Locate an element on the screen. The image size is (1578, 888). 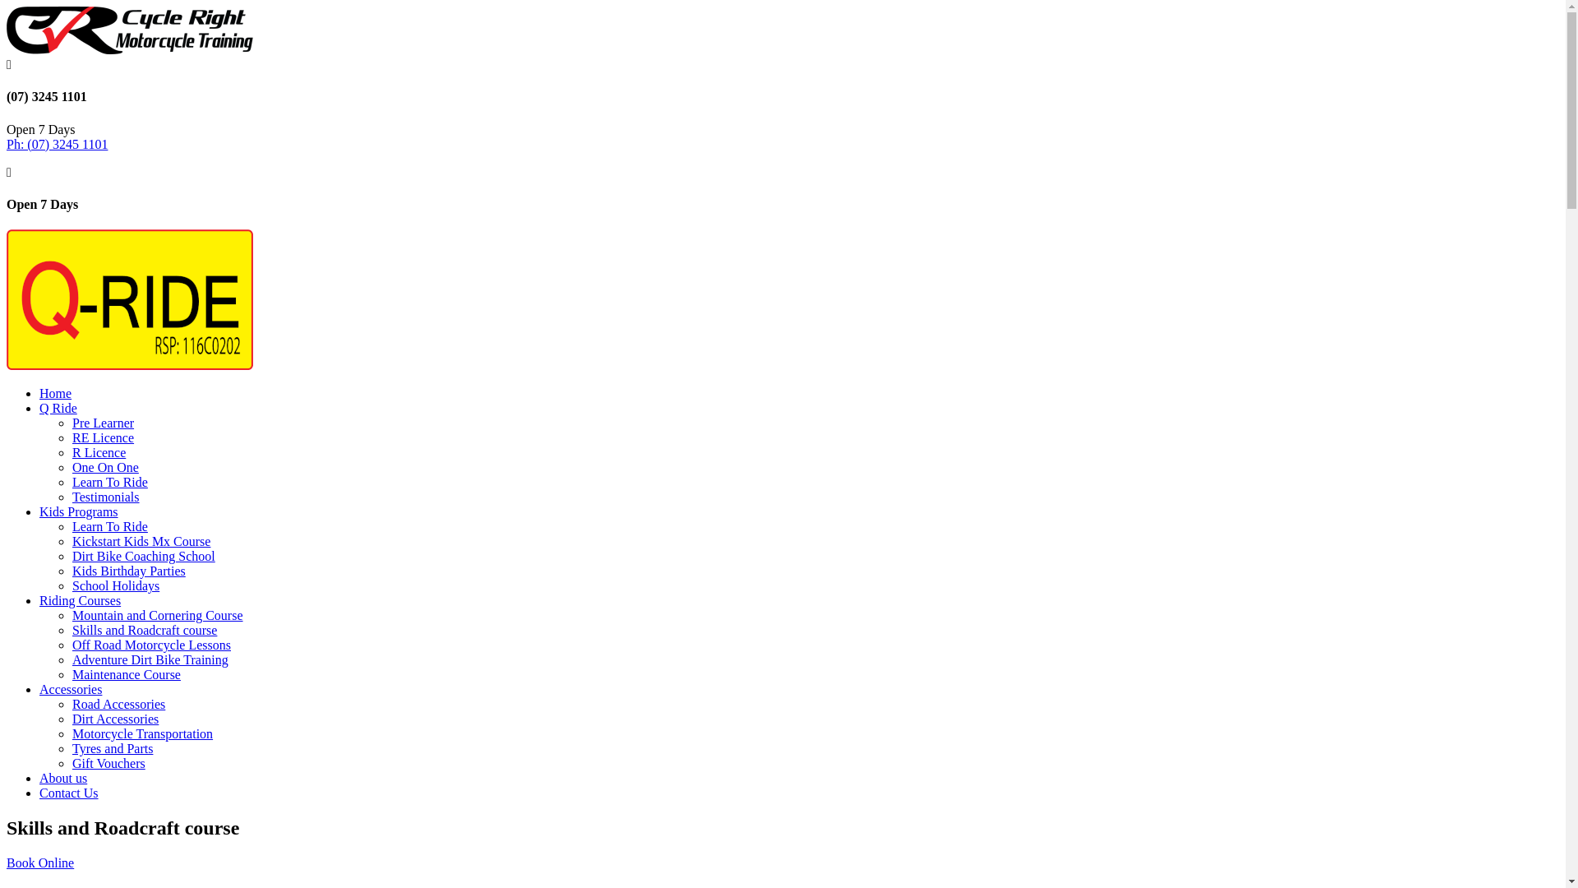
'Tyres and Parts' is located at coordinates (112, 748).